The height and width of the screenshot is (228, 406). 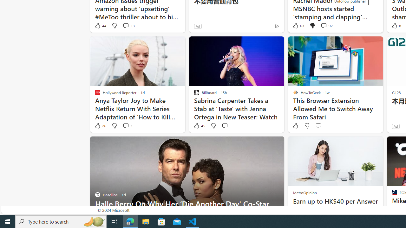 What do you see at coordinates (396, 92) in the screenshot?
I see `'G123'` at bounding box center [396, 92].